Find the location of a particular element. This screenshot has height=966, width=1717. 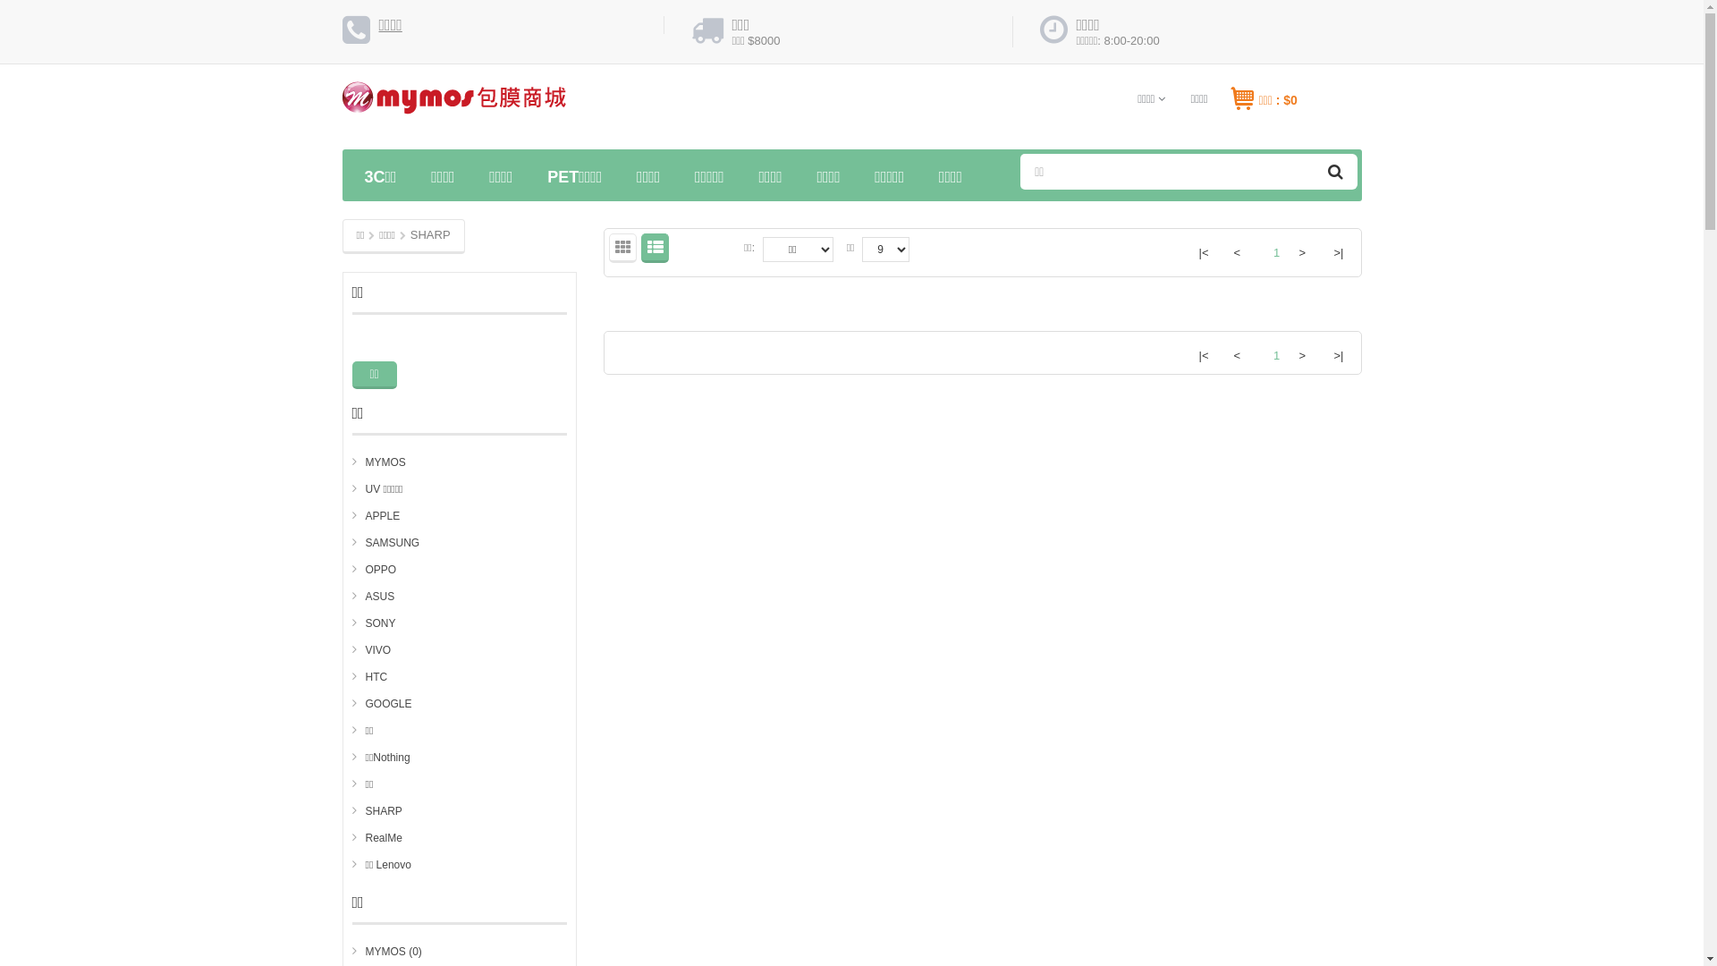

'SAMSUNG' is located at coordinates (385, 541).